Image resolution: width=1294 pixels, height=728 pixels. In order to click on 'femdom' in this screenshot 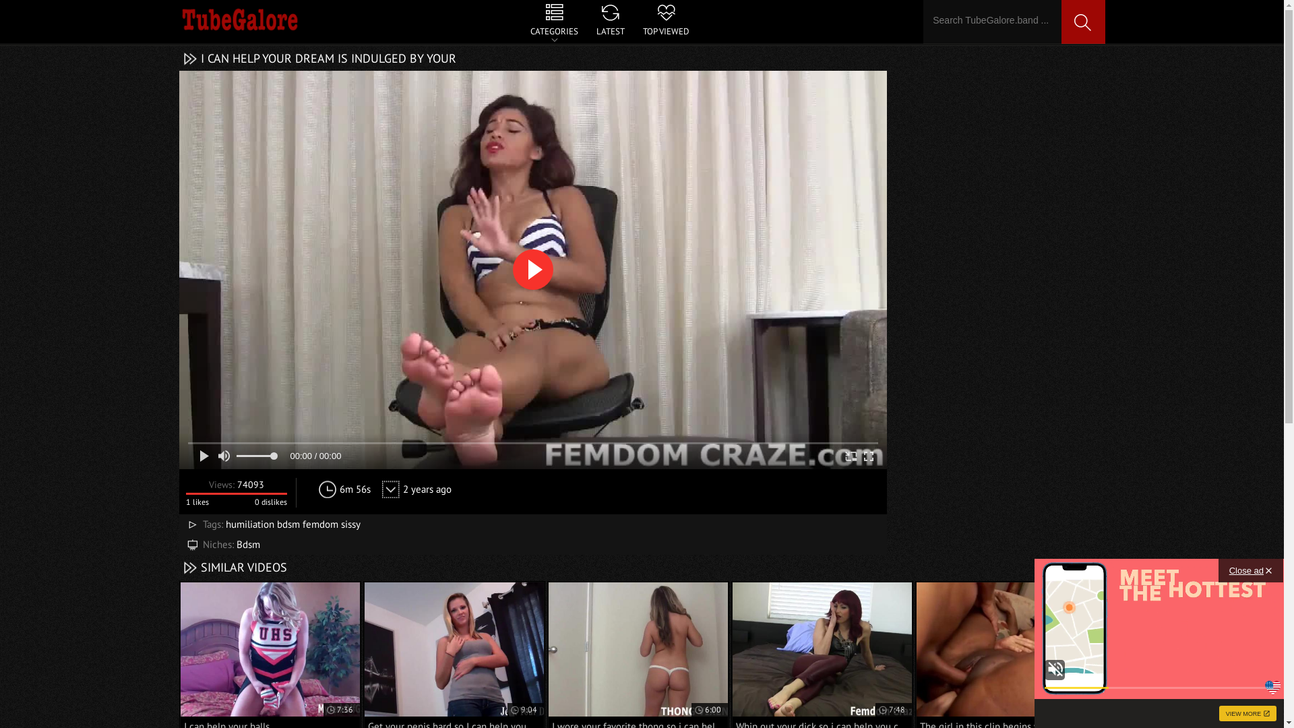, I will do `click(319, 523)`.